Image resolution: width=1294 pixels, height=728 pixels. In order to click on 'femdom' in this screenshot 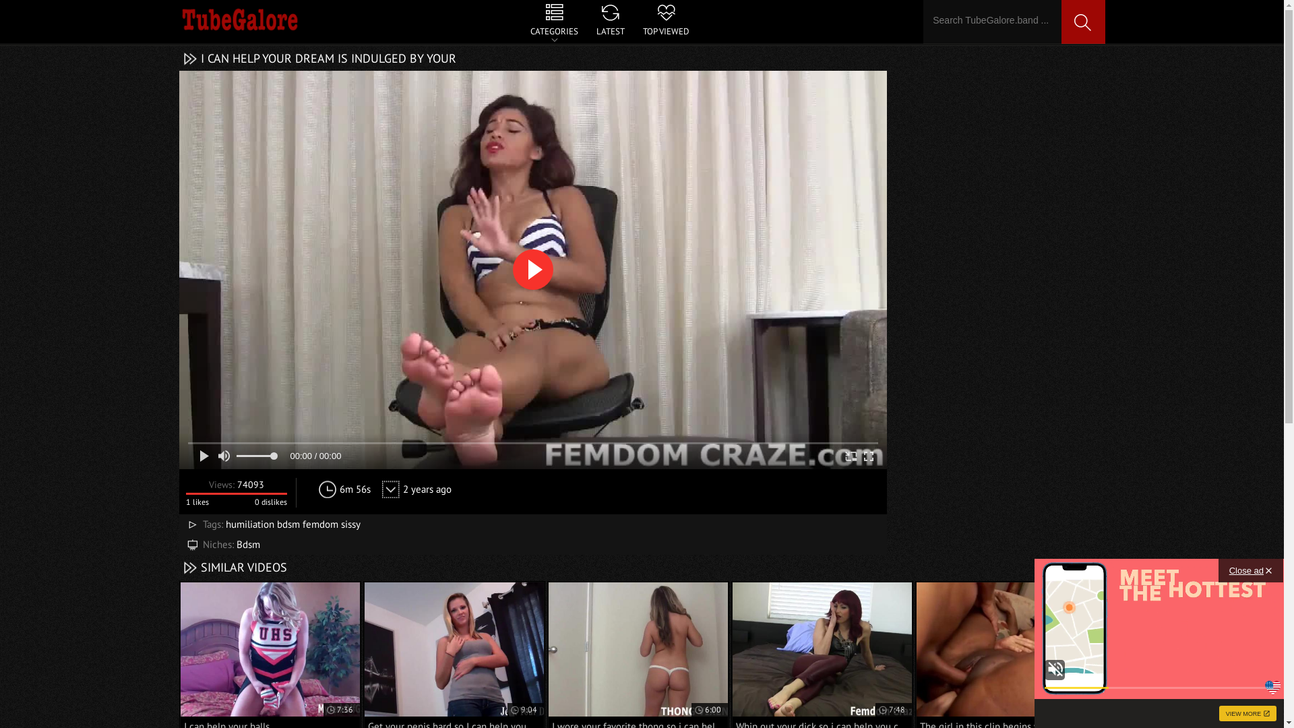, I will do `click(319, 523)`.